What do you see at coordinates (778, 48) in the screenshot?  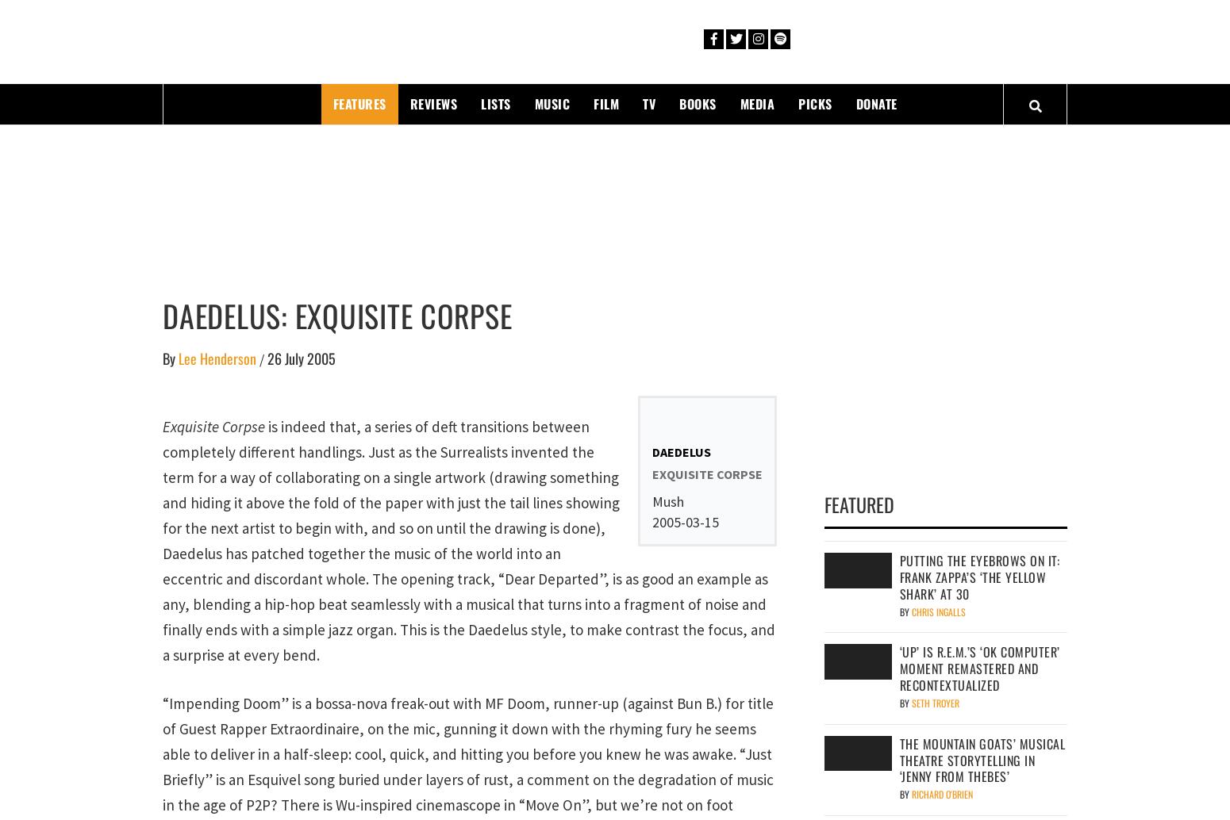 I see `'PopMatters'` at bounding box center [778, 48].